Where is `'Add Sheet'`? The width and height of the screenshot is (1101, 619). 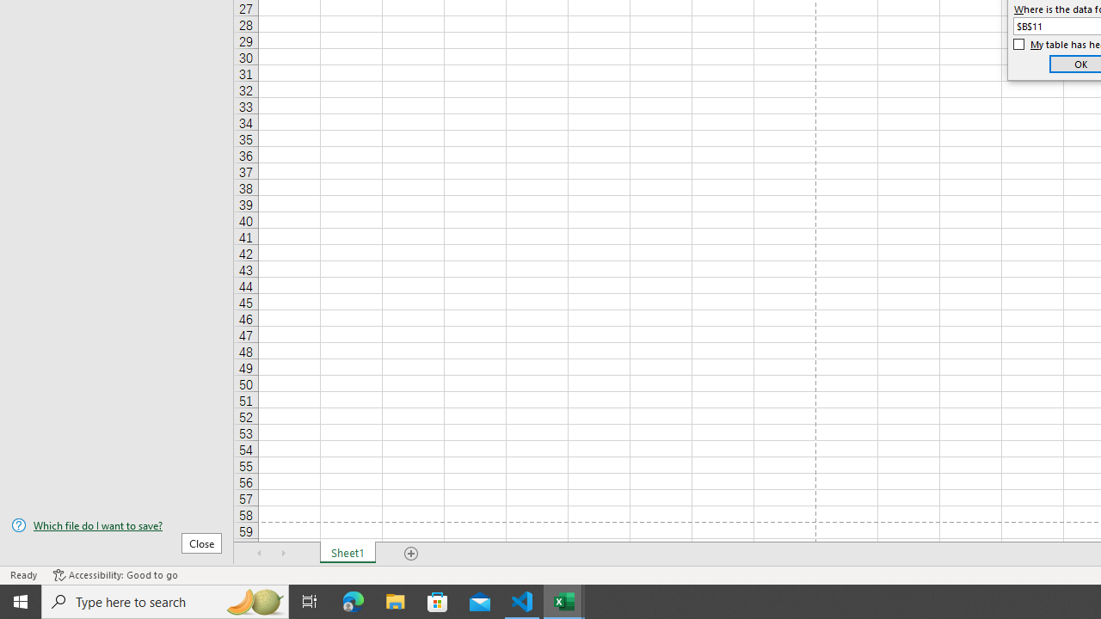
'Add Sheet' is located at coordinates (410, 554).